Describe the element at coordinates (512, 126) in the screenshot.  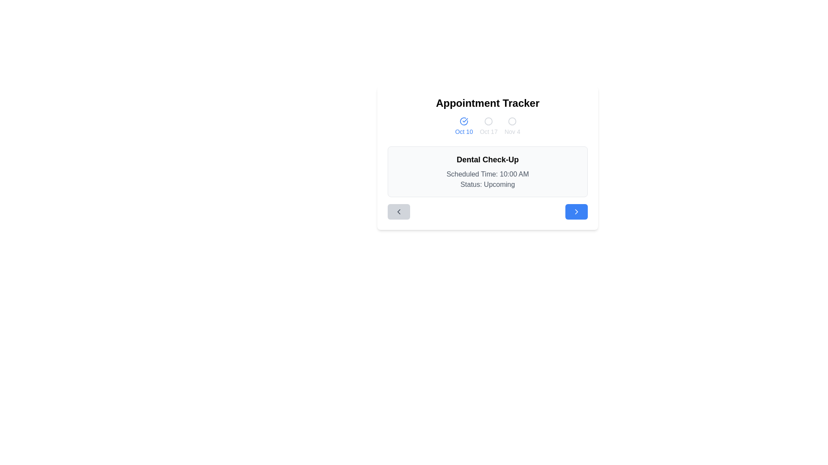
I see `the circular button displaying the date 'Nov 4'` at that location.